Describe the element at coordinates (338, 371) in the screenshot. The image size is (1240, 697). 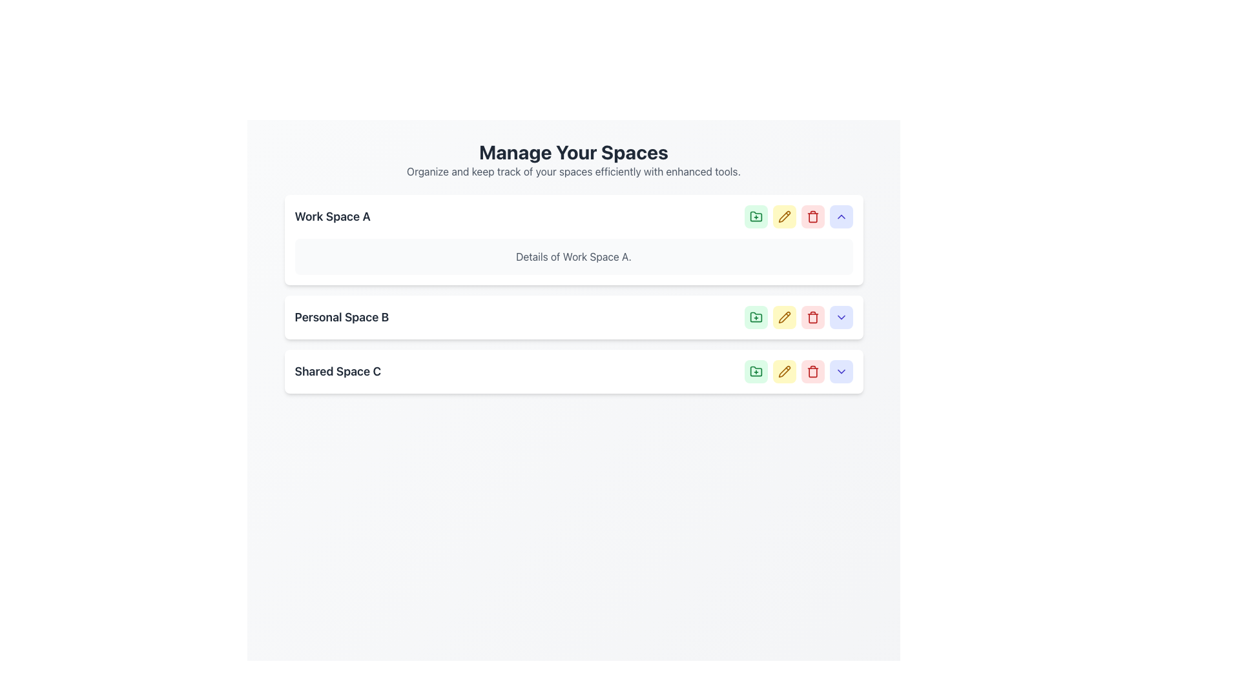
I see `text from the Text Label that identifies the 'Shared Space C' workspace, which is positioned below 'Personal Space B' and aligned with action icons` at that location.